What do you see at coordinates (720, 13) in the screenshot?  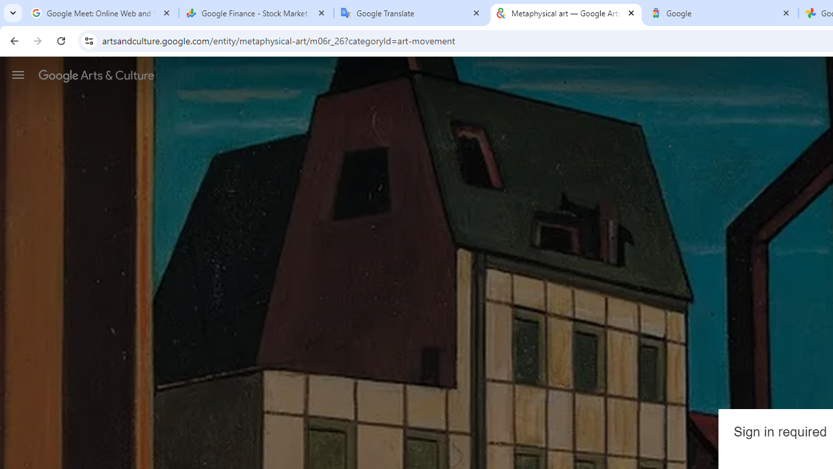 I see `'Google'` at bounding box center [720, 13].